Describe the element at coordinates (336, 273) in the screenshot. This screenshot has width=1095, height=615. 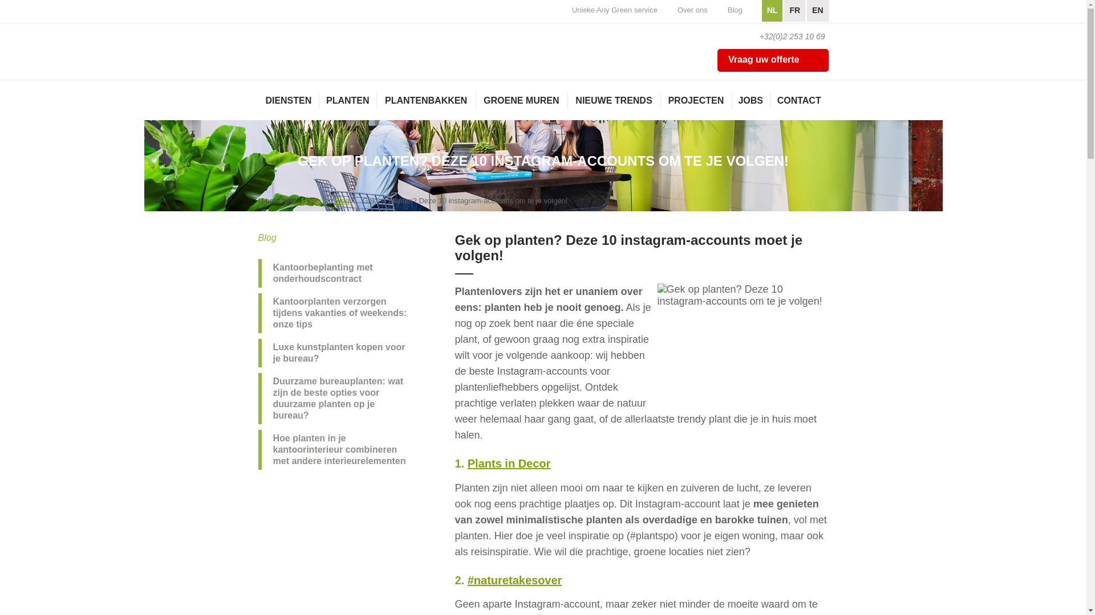
I see `'Kantoorbeplanting met onderhoudscontract'` at that location.